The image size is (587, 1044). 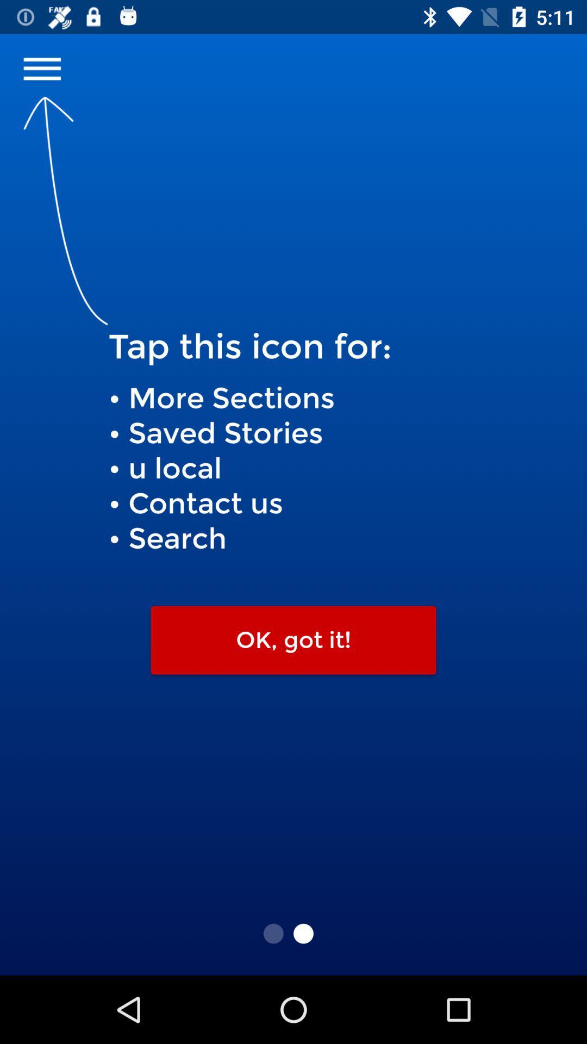 I want to click on icon below more sections saved icon, so click(x=293, y=640).